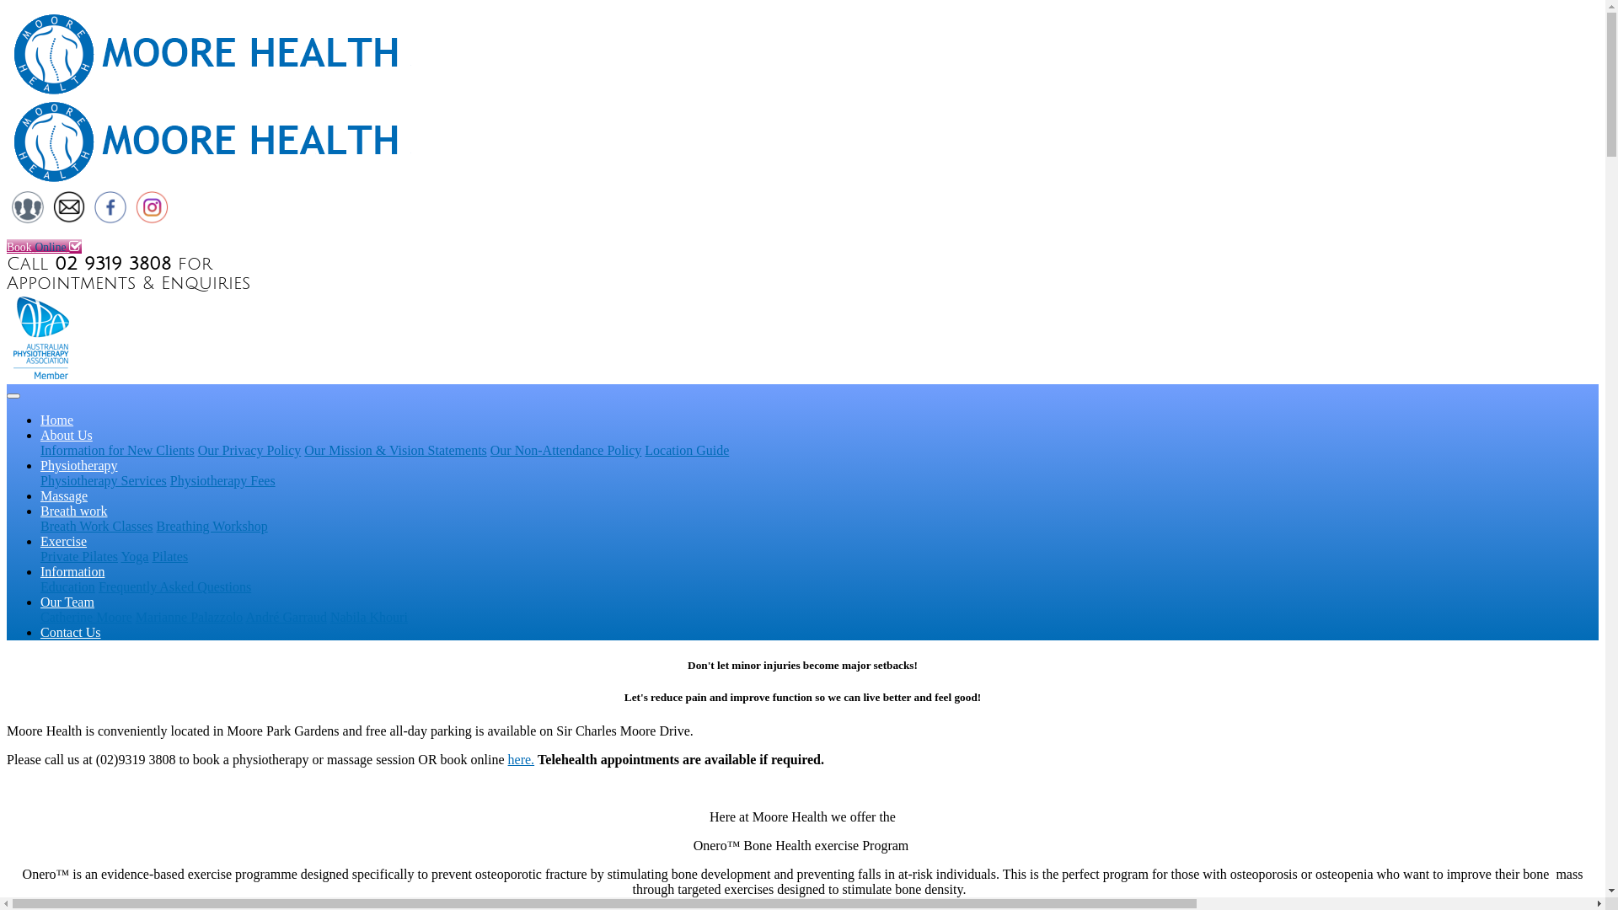  What do you see at coordinates (330, 617) in the screenshot?
I see `'Nabila Khouri'` at bounding box center [330, 617].